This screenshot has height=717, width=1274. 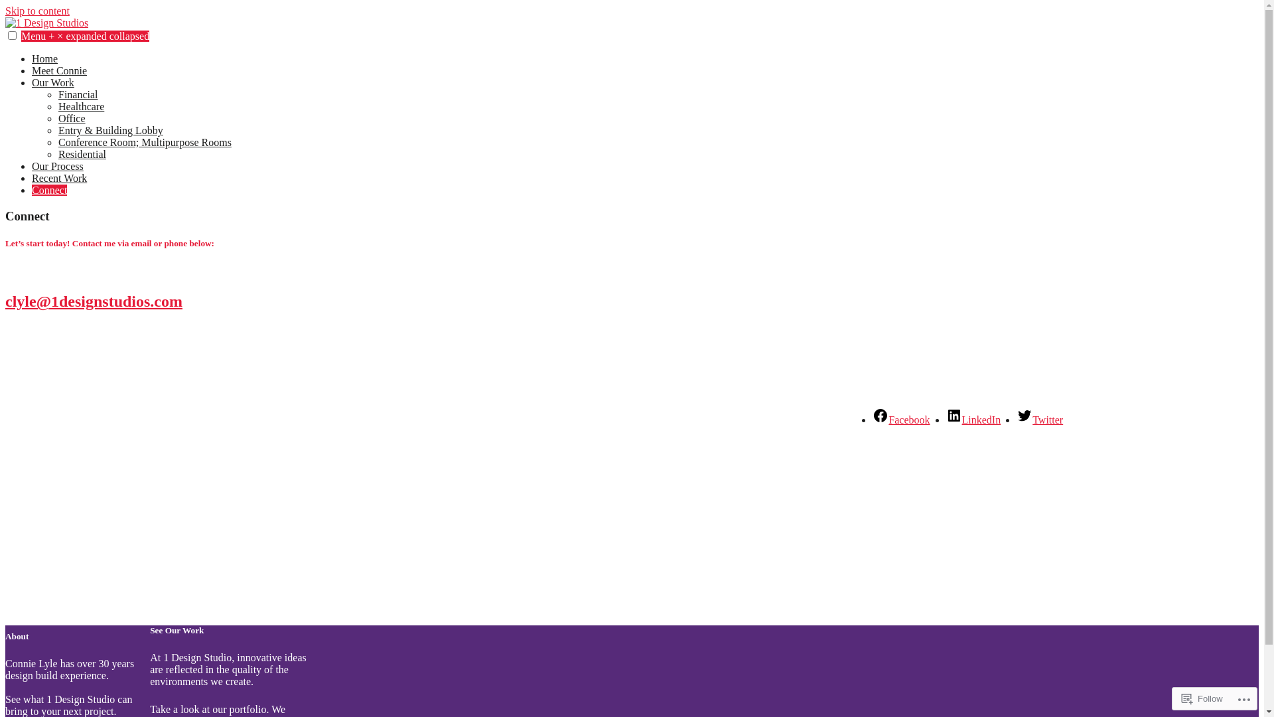 I want to click on 'Entry & Building Lobby', so click(x=111, y=130).